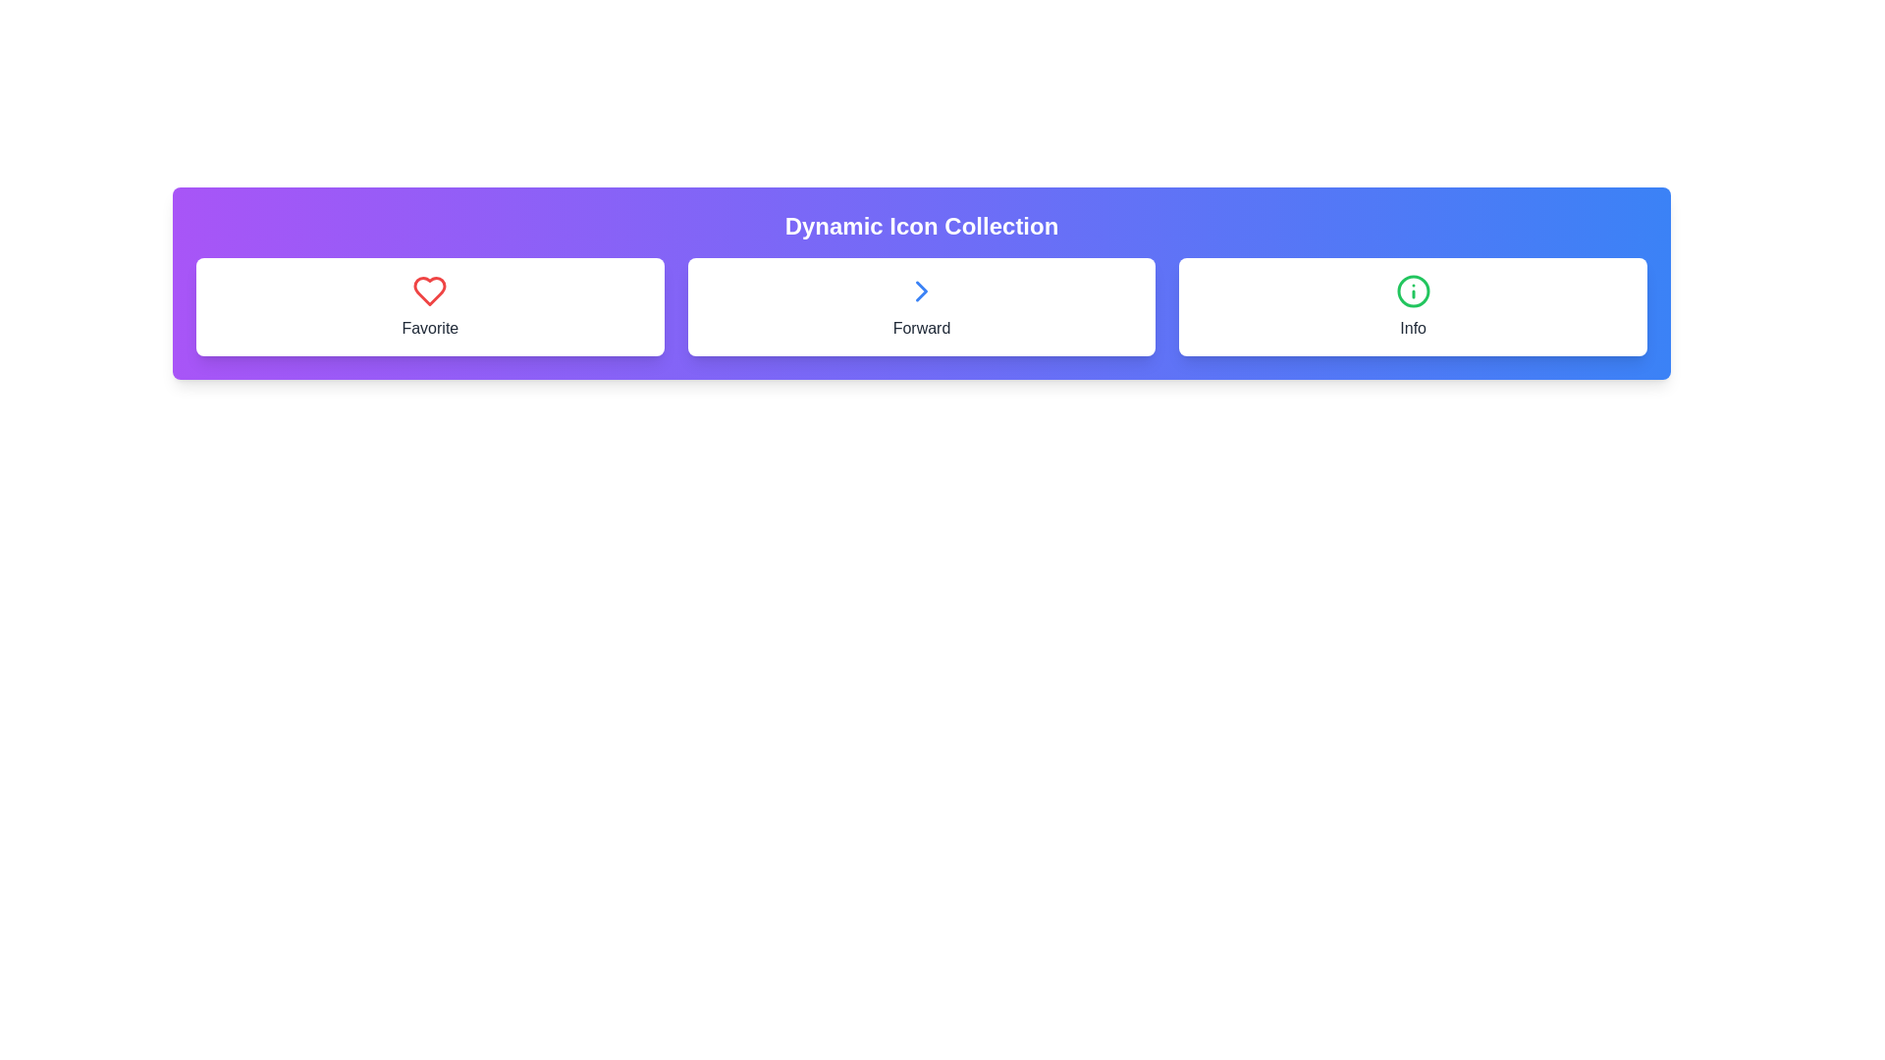 The width and height of the screenshot is (1885, 1060). What do you see at coordinates (1412, 291) in the screenshot?
I see `the circular base of the 'info' icon, which is an SVG circle element with a green border and white fill, located in the rightmost section of a triple-card layout` at bounding box center [1412, 291].